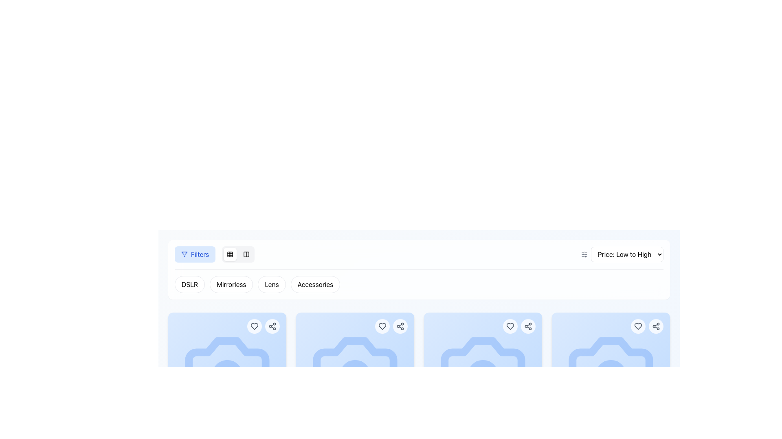  What do you see at coordinates (184, 254) in the screenshot?
I see `the filtering icon located within the 'Filters' button on the left side of the horizontal navigation bar above the product listing section` at bounding box center [184, 254].